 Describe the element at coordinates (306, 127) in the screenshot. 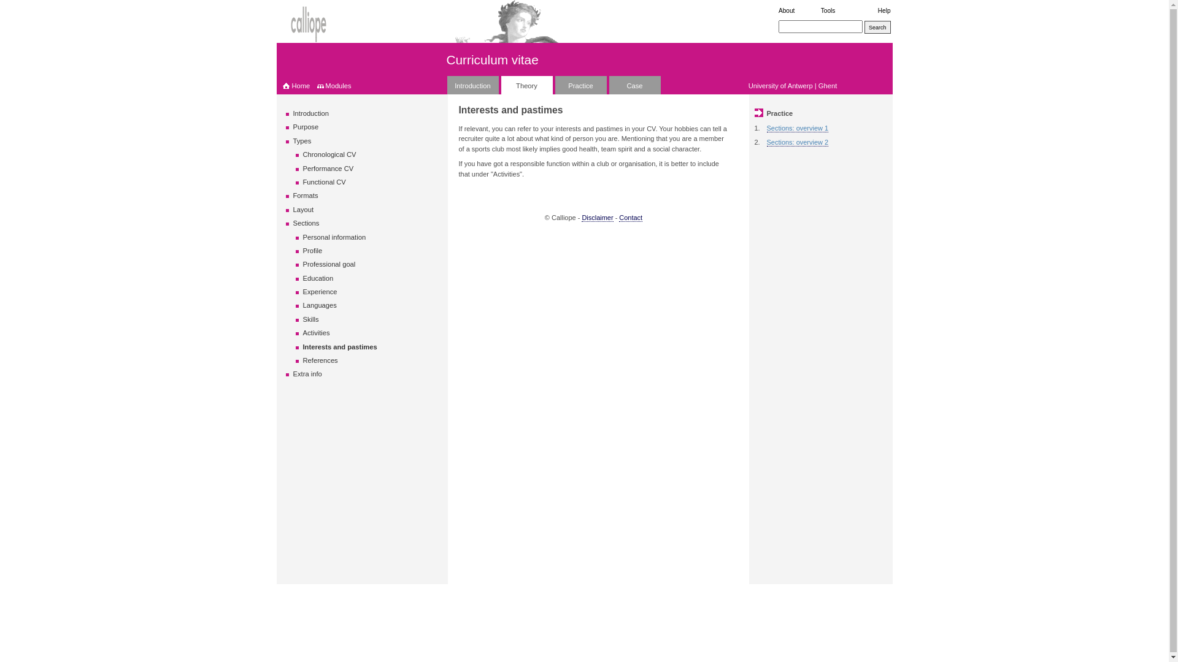

I see `'Purpose'` at that location.